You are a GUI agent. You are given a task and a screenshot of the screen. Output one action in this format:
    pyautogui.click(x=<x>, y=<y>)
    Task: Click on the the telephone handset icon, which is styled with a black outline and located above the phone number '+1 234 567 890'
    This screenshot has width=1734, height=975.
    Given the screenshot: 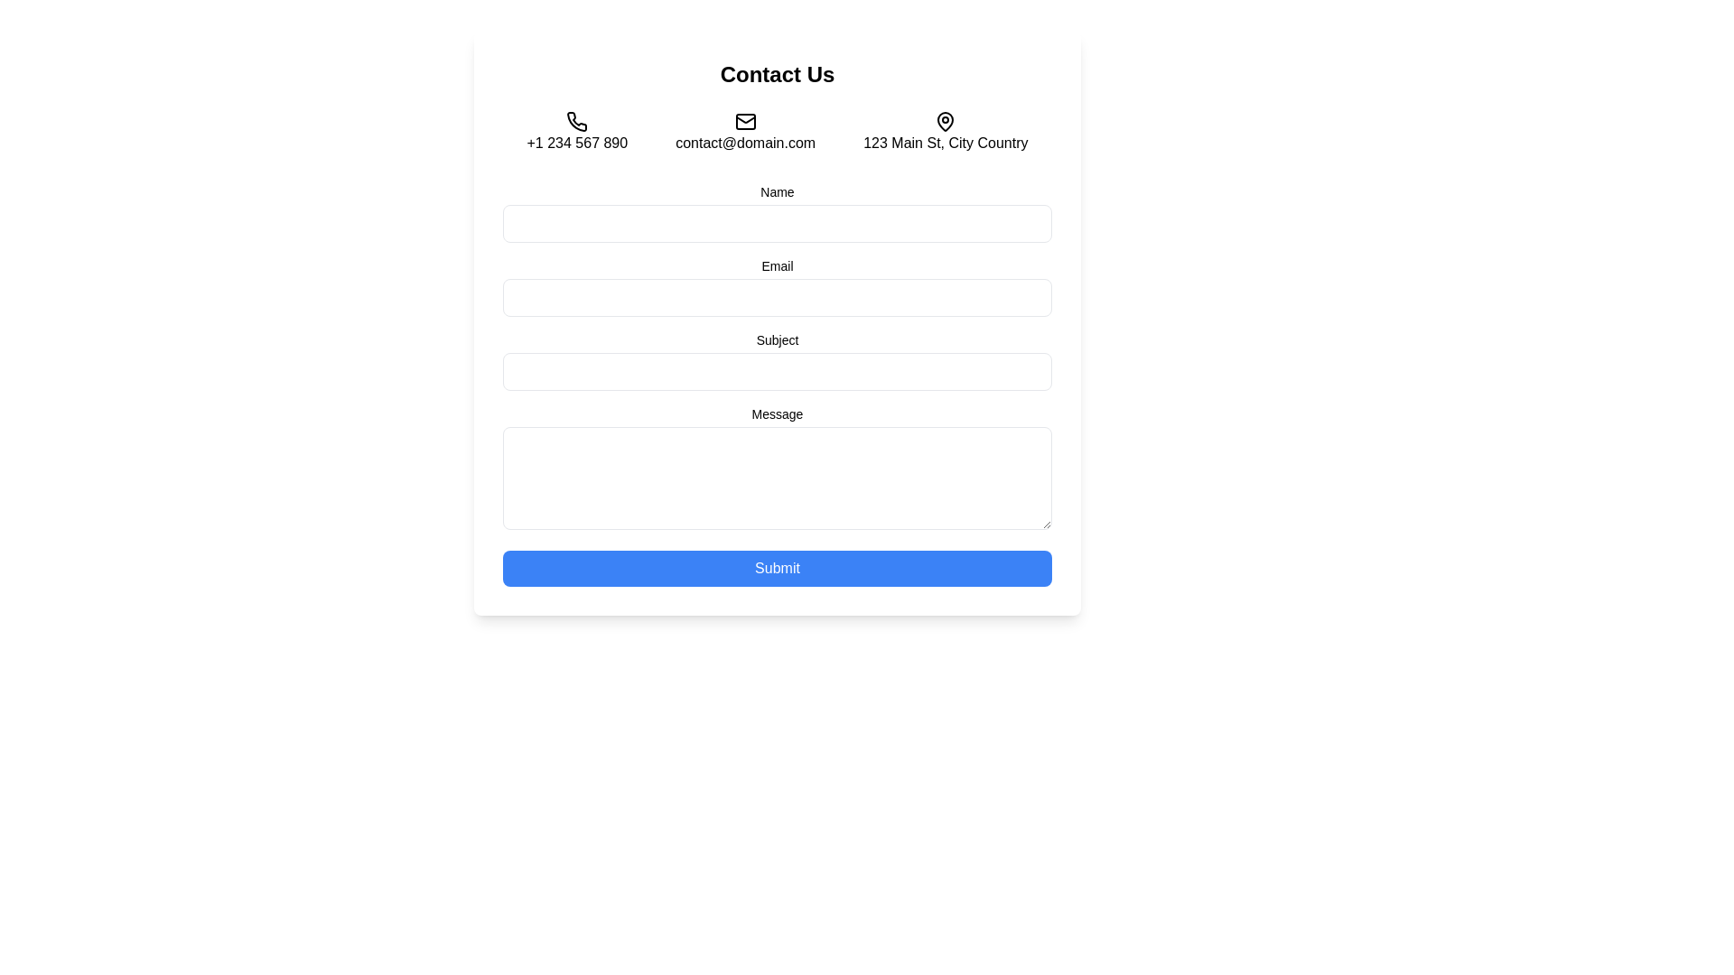 What is the action you would take?
    pyautogui.click(x=576, y=122)
    